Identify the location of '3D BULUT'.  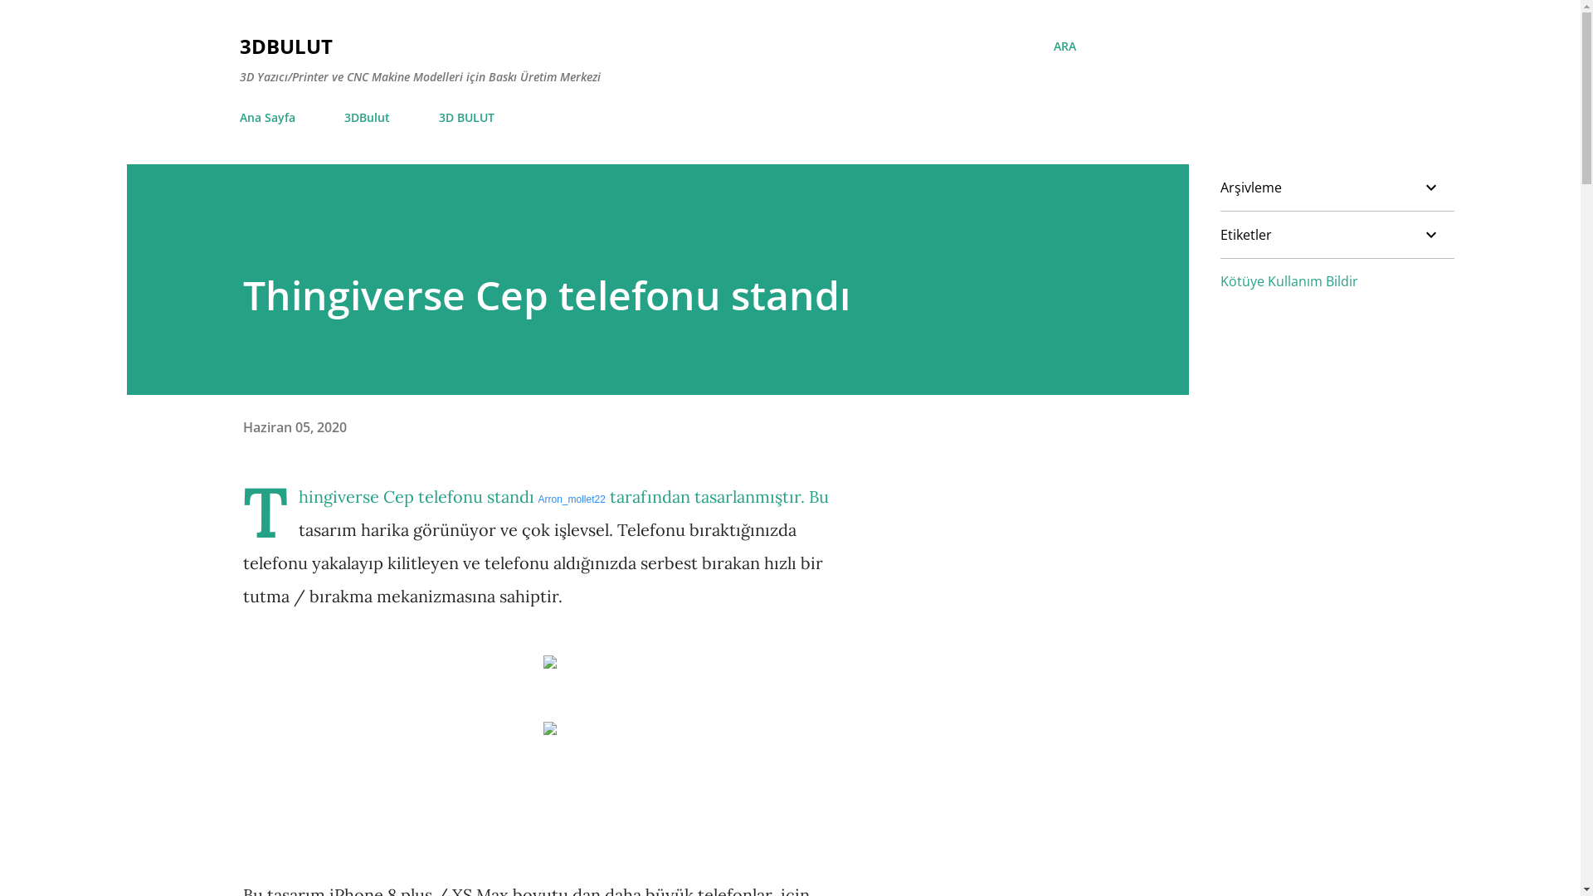
(465, 116).